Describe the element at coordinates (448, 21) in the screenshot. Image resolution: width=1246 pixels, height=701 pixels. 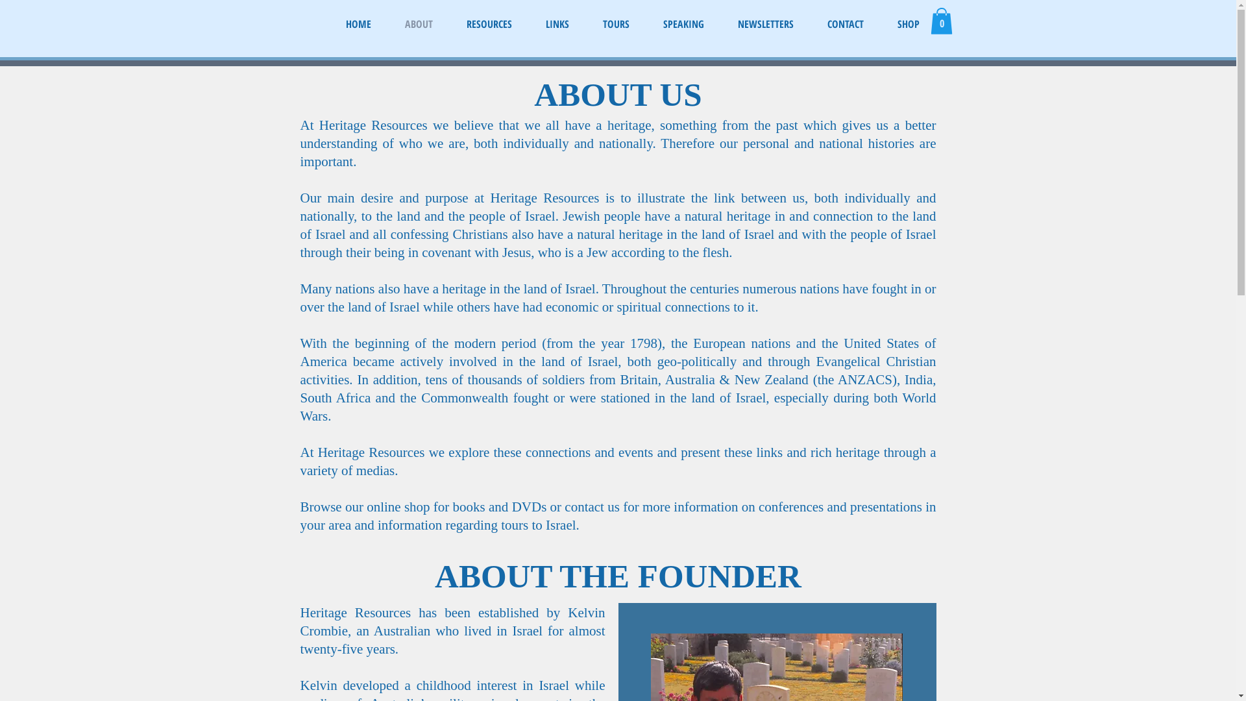
I see `'RESOURCES'` at that location.